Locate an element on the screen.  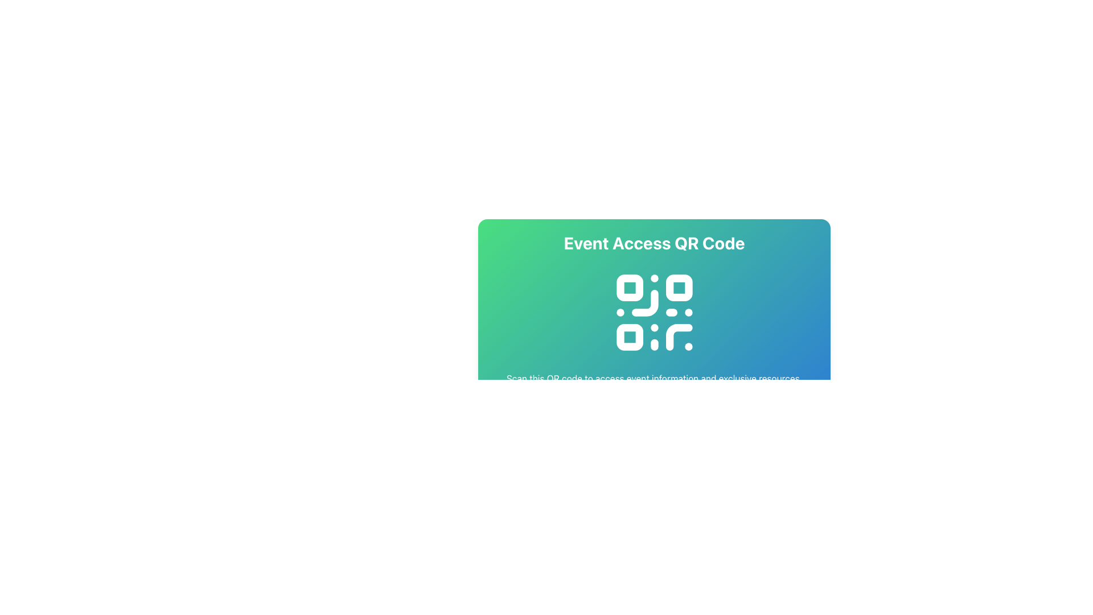
the small light blue square with rounded corners that is the second square in the top row of the QR code is located at coordinates (679, 287).